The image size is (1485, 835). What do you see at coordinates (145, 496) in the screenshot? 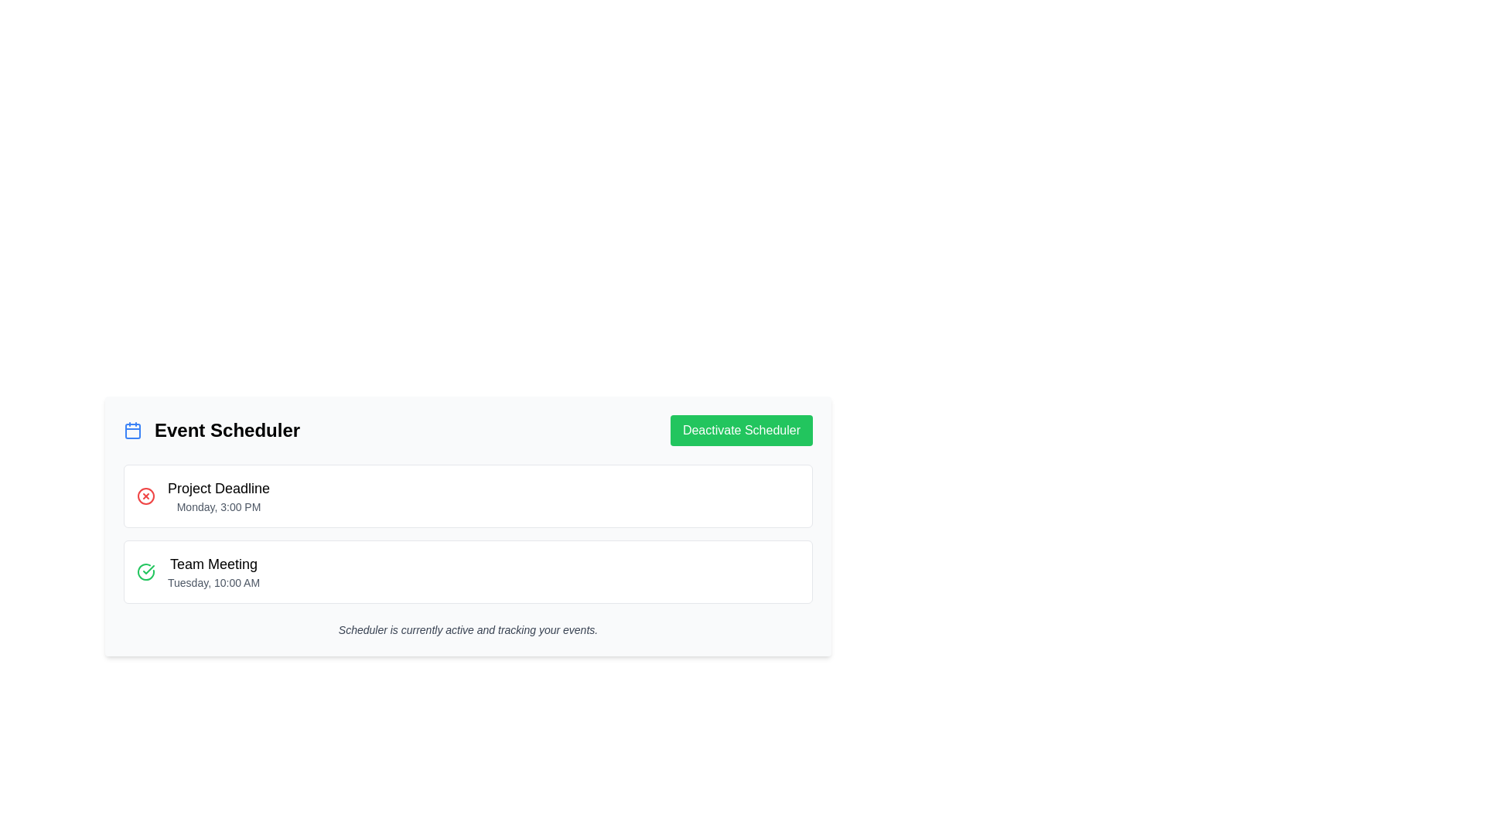
I see `the SVG circle that represents a warning status, located next to the 'Project Deadline' label in the event scheduler` at bounding box center [145, 496].